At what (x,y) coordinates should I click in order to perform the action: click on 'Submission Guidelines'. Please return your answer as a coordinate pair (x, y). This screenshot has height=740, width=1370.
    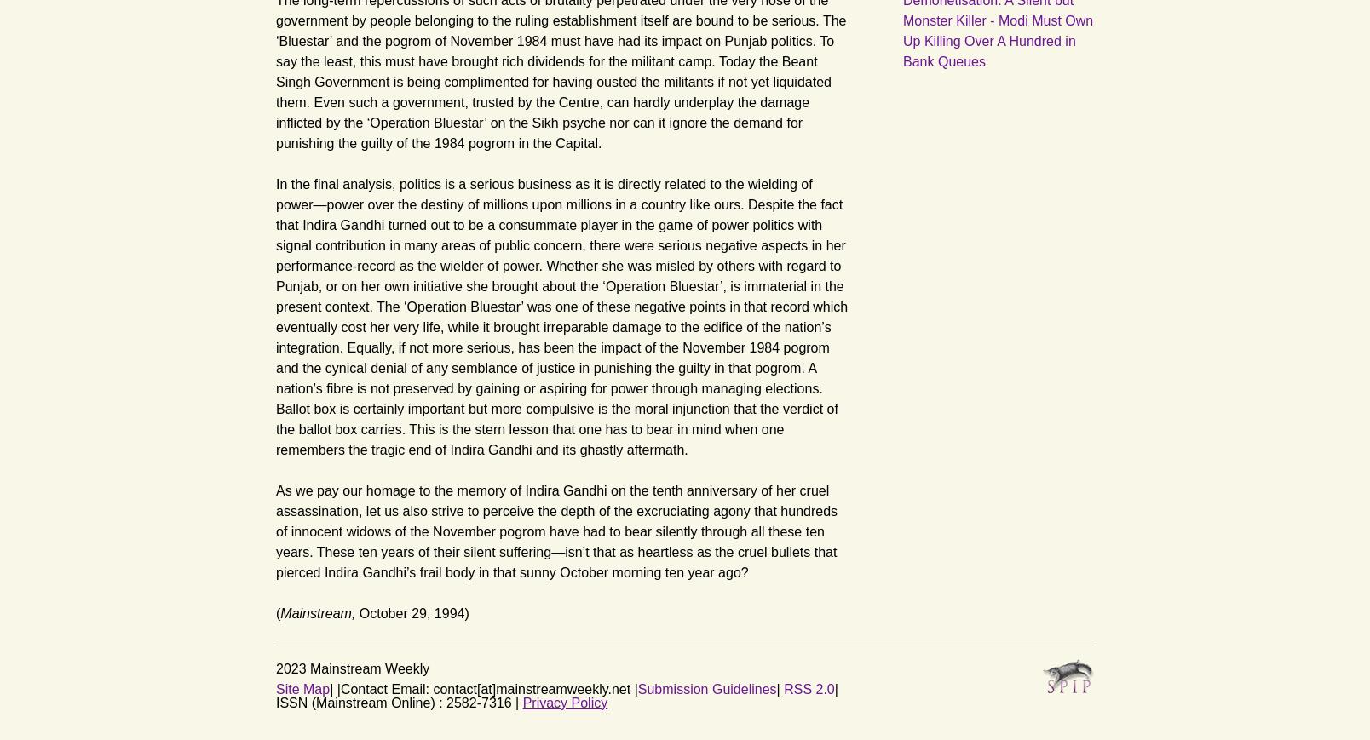
    Looking at the image, I should click on (637, 688).